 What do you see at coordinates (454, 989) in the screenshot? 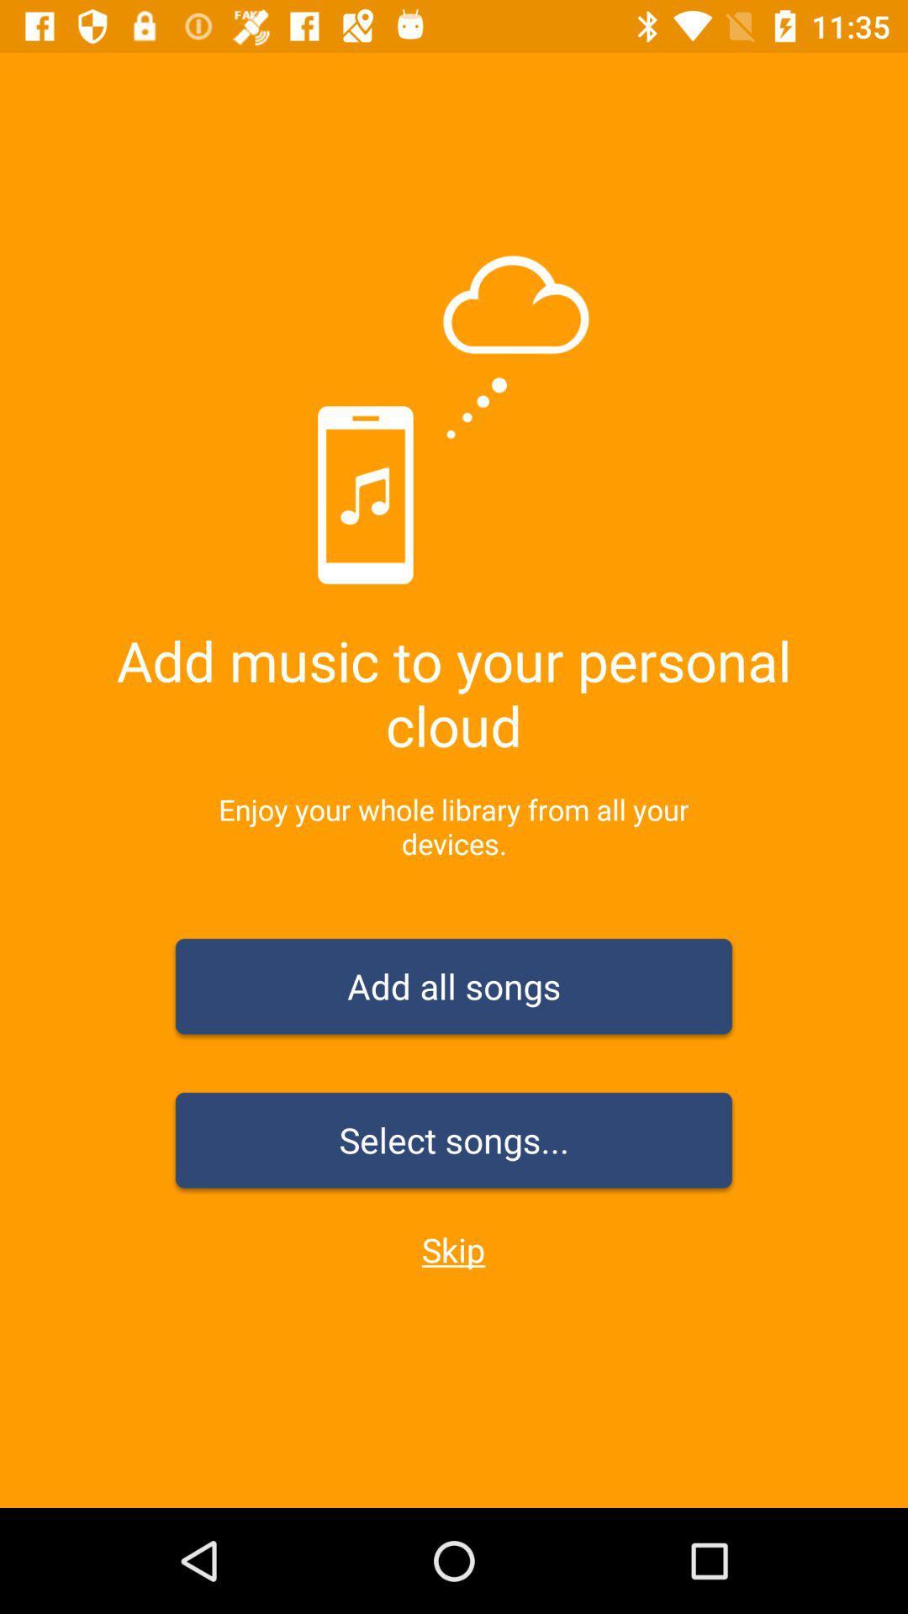
I see `the item below enjoy your whole` at bounding box center [454, 989].